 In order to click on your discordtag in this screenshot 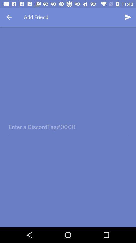, I will do `click(68, 127)`.